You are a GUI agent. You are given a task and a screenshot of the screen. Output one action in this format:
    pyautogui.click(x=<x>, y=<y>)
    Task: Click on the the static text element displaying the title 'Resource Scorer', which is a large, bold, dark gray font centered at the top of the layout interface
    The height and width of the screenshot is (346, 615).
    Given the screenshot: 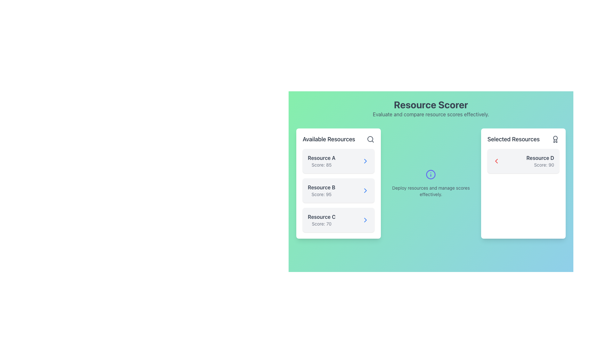 What is the action you would take?
    pyautogui.click(x=431, y=104)
    